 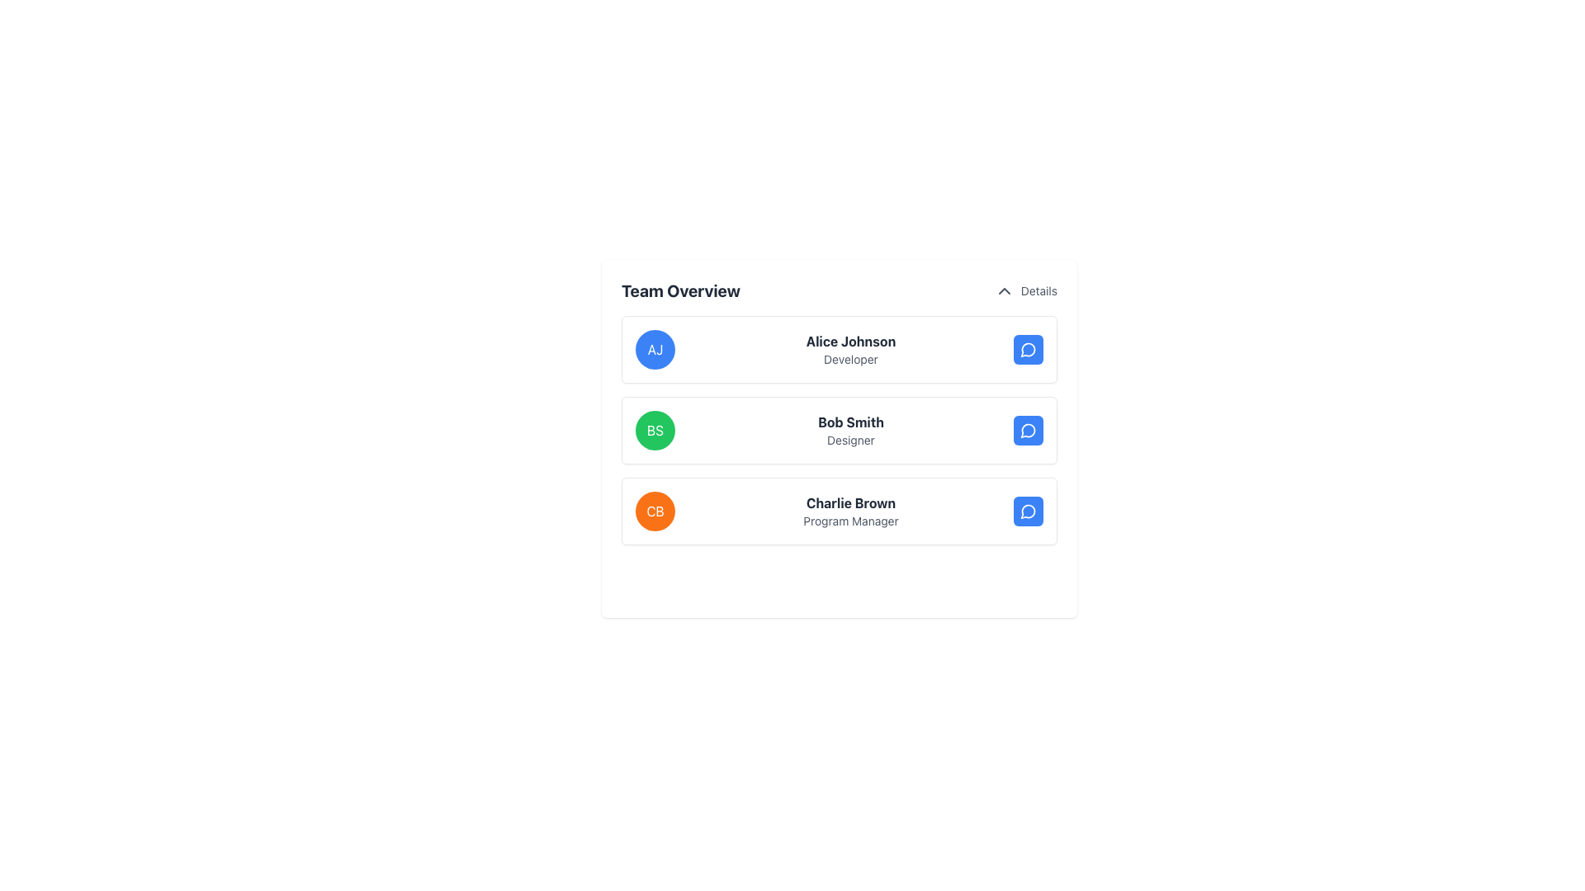 What do you see at coordinates (1027, 511) in the screenshot?
I see `the decorative vector graphic, which is a blue circular icon with a white speech bubble outline located in the bottom row of the user profile list, aligned to the far right next to 'Charlie Brown'` at bounding box center [1027, 511].